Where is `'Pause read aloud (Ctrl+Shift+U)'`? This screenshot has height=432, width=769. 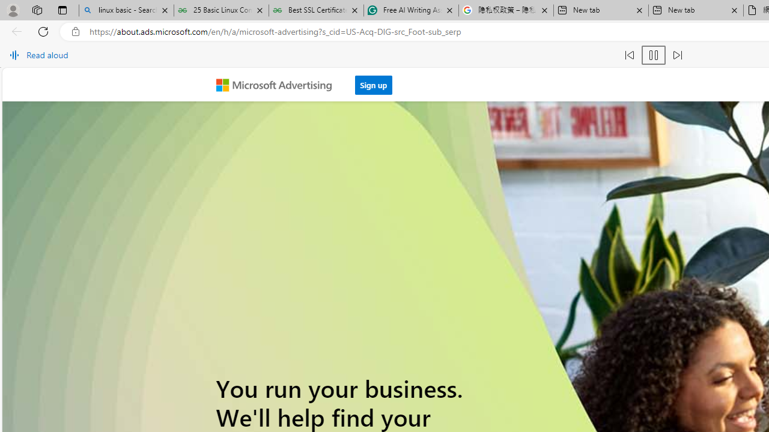
'Pause read aloud (Ctrl+Shift+U)' is located at coordinates (653, 55).